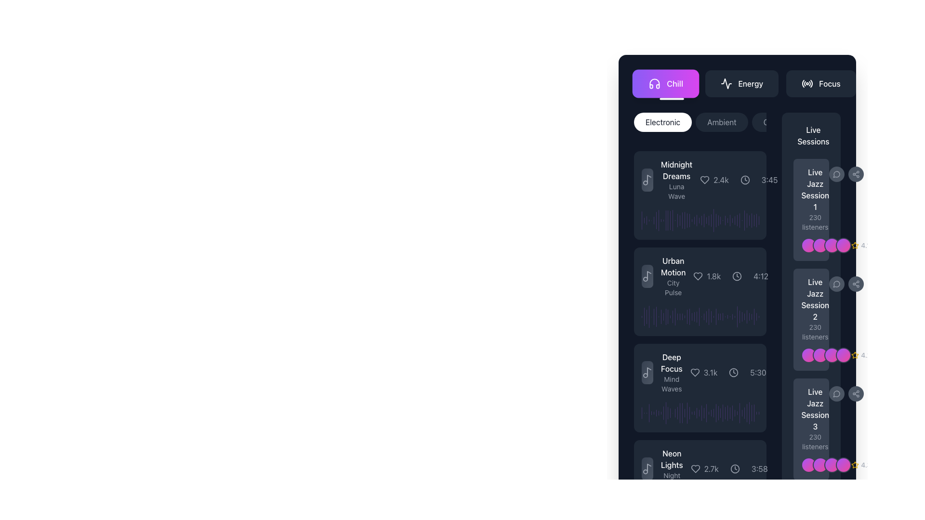 This screenshot has height=520, width=925. Describe the element at coordinates (769, 180) in the screenshot. I see `the timestamp label located at the bottom right of the audio file card, which indicates the duration of the audio file` at that location.